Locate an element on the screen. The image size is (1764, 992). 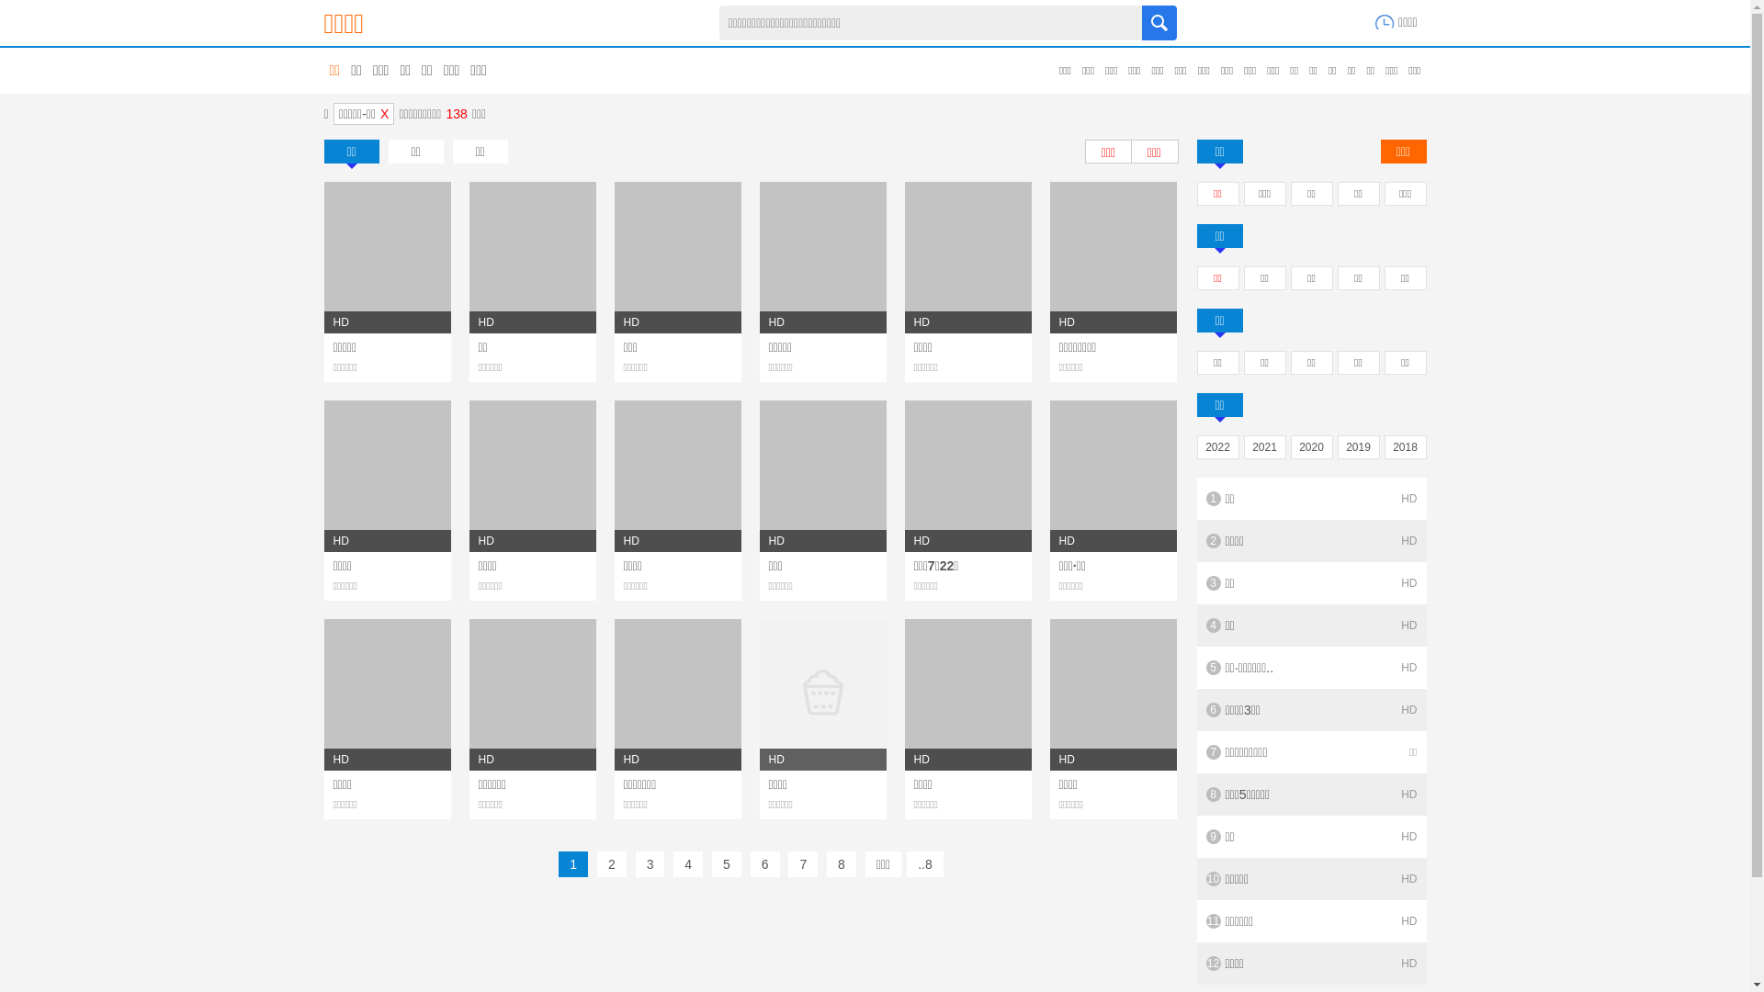
'7' is located at coordinates (802, 864).